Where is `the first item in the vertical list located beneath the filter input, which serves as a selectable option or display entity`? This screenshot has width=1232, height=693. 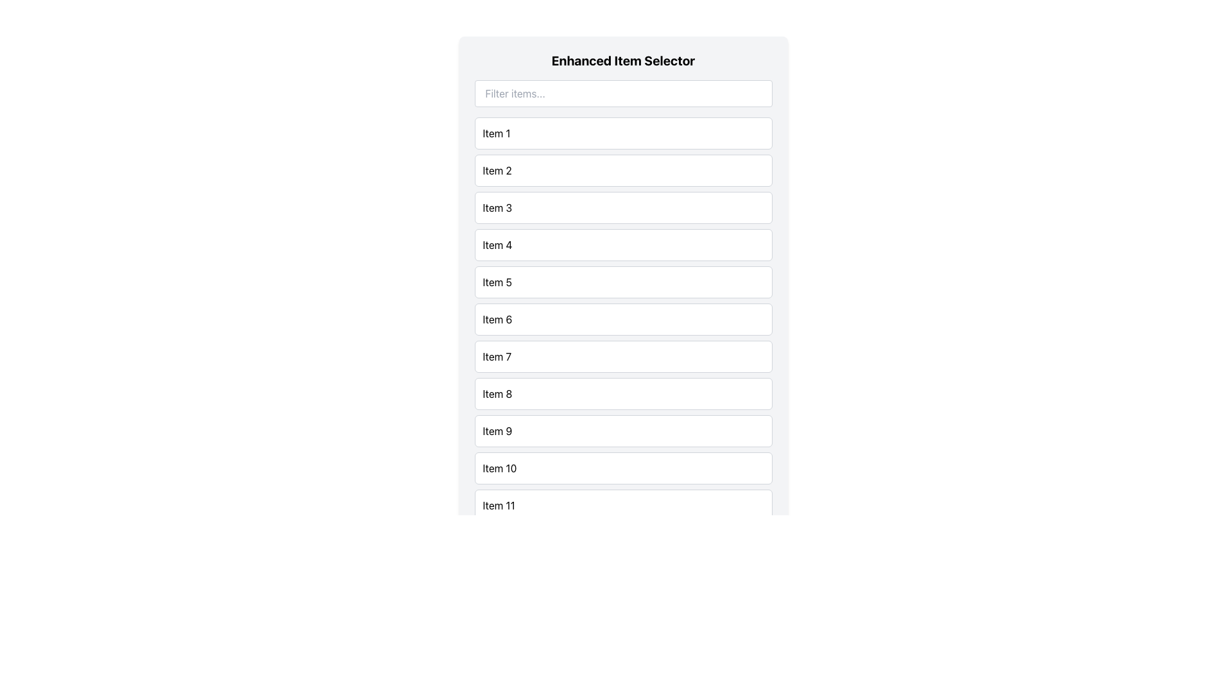
the first item in the vertical list located beneath the filter input, which serves as a selectable option or display entity is located at coordinates (623, 133).